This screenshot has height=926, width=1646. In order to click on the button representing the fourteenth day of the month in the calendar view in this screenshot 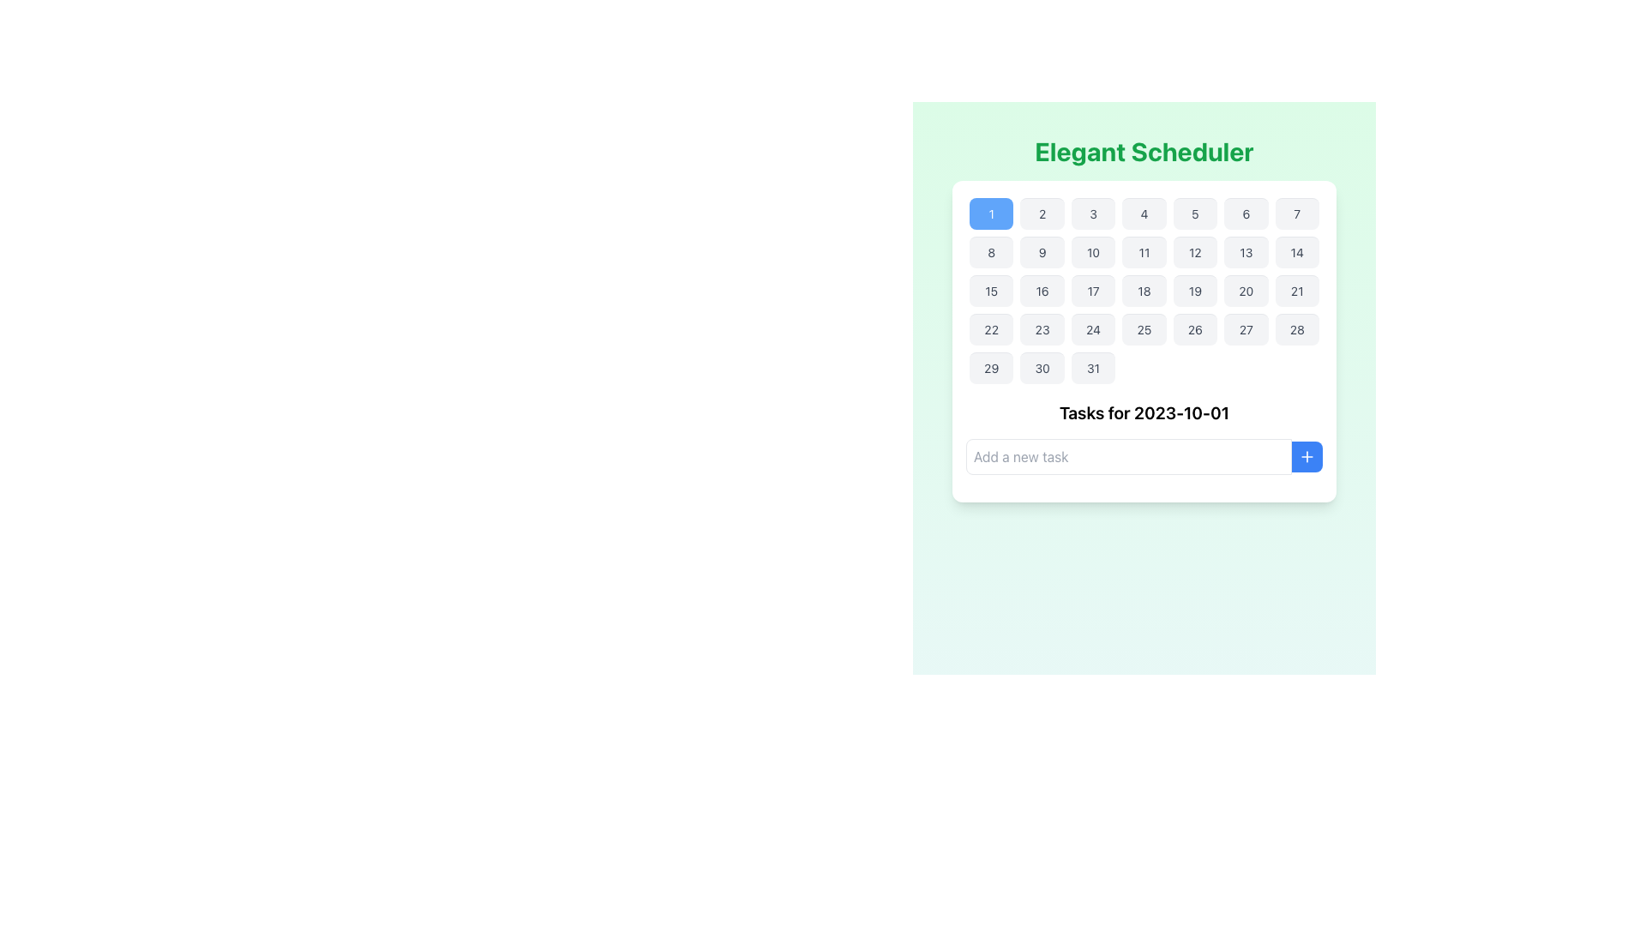, I will do `click(1297, 252)`.